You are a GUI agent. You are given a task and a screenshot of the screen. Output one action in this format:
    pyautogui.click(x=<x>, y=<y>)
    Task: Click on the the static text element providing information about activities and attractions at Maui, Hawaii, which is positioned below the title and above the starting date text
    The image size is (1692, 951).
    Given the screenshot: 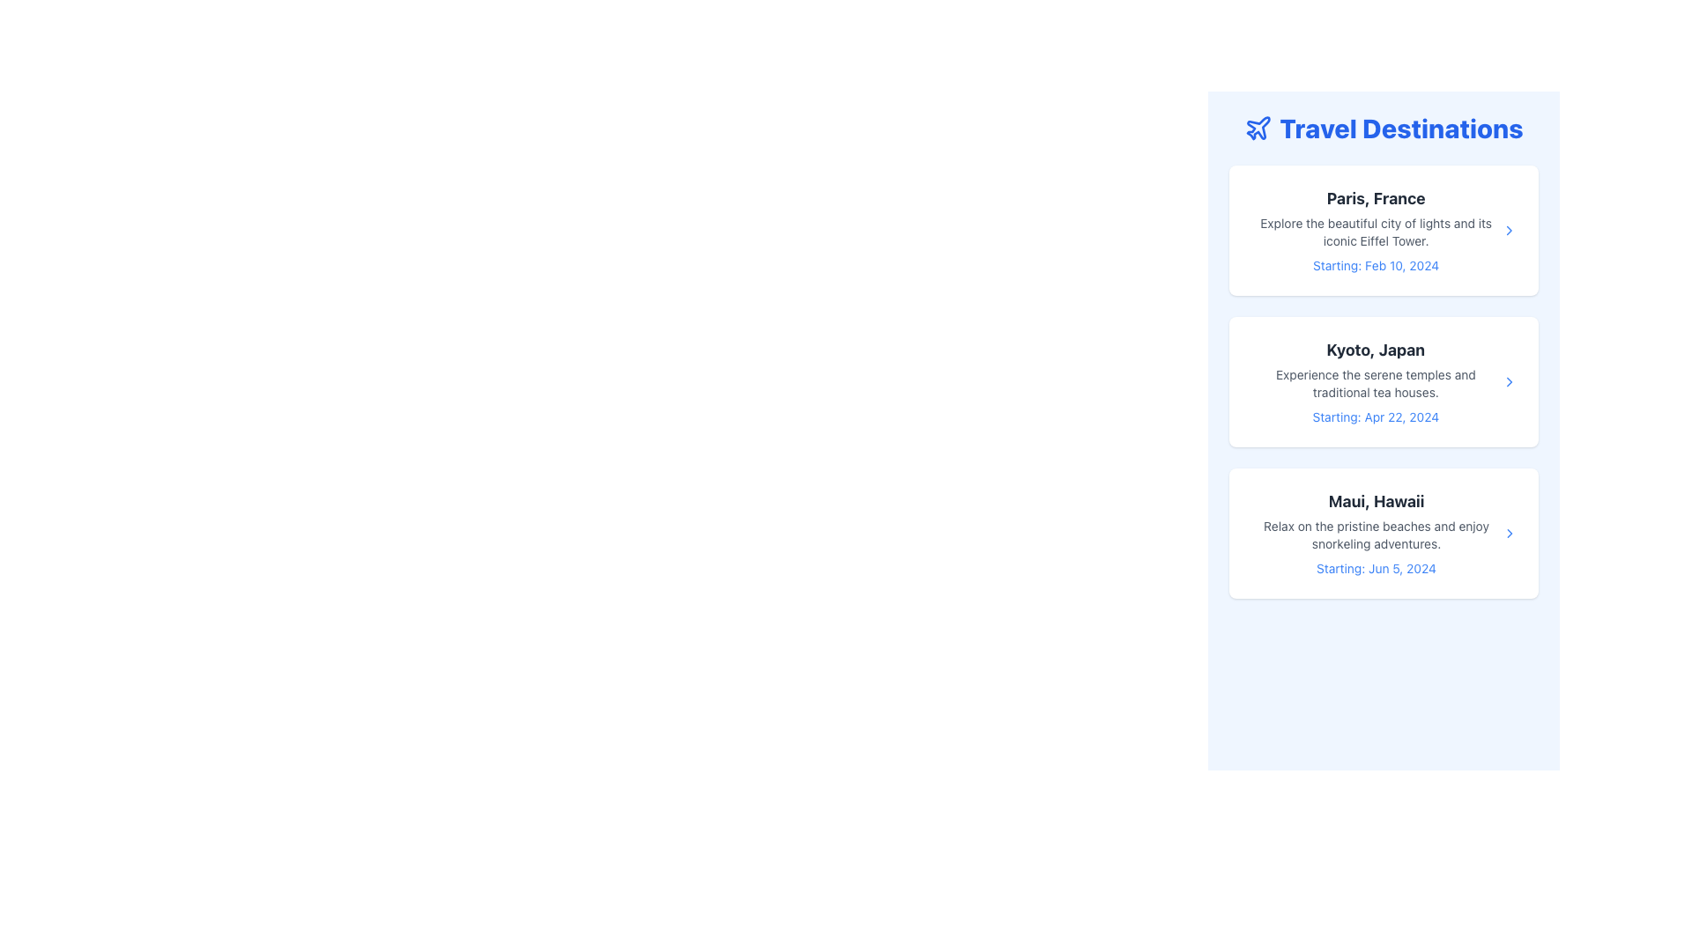 What is the action you would take?
    pyautogui.click(x=1376, y=534)
    